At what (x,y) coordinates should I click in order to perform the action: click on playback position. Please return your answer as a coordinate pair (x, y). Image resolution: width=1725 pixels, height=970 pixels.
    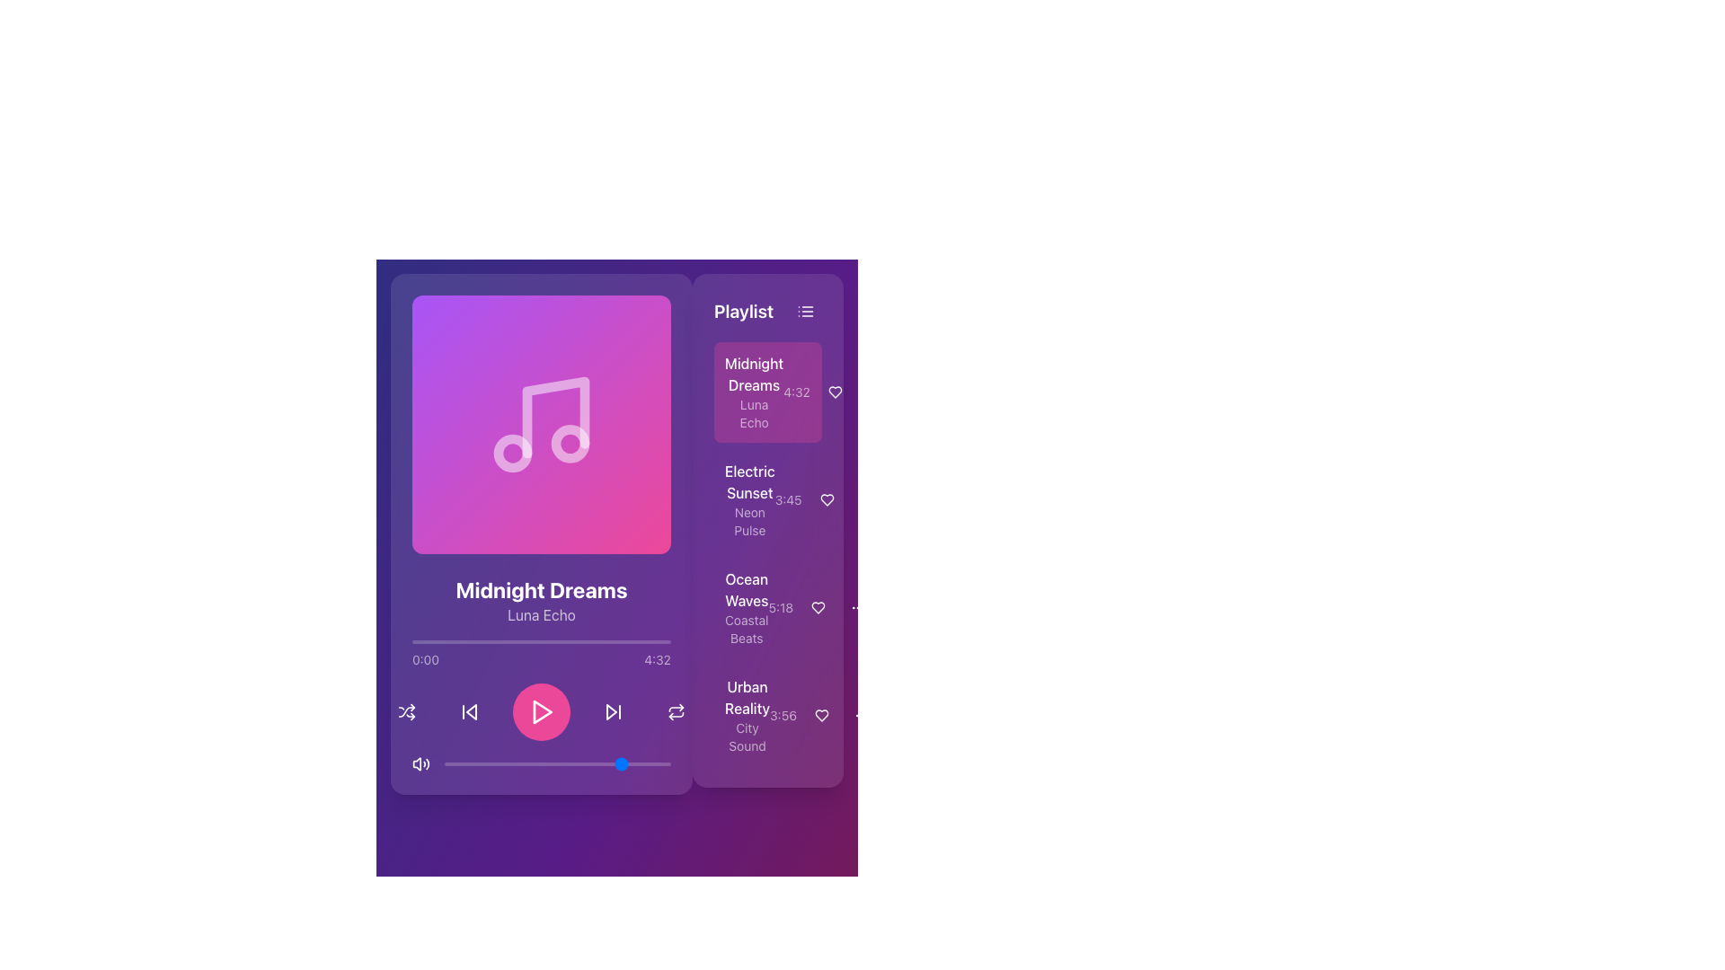
    Looking at the image, I should click on (473, 640).